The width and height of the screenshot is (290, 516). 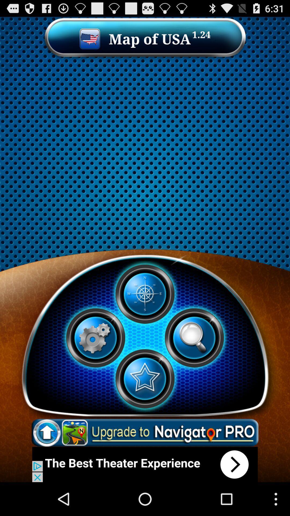 I want to click on play, so click(x=144, y=294).